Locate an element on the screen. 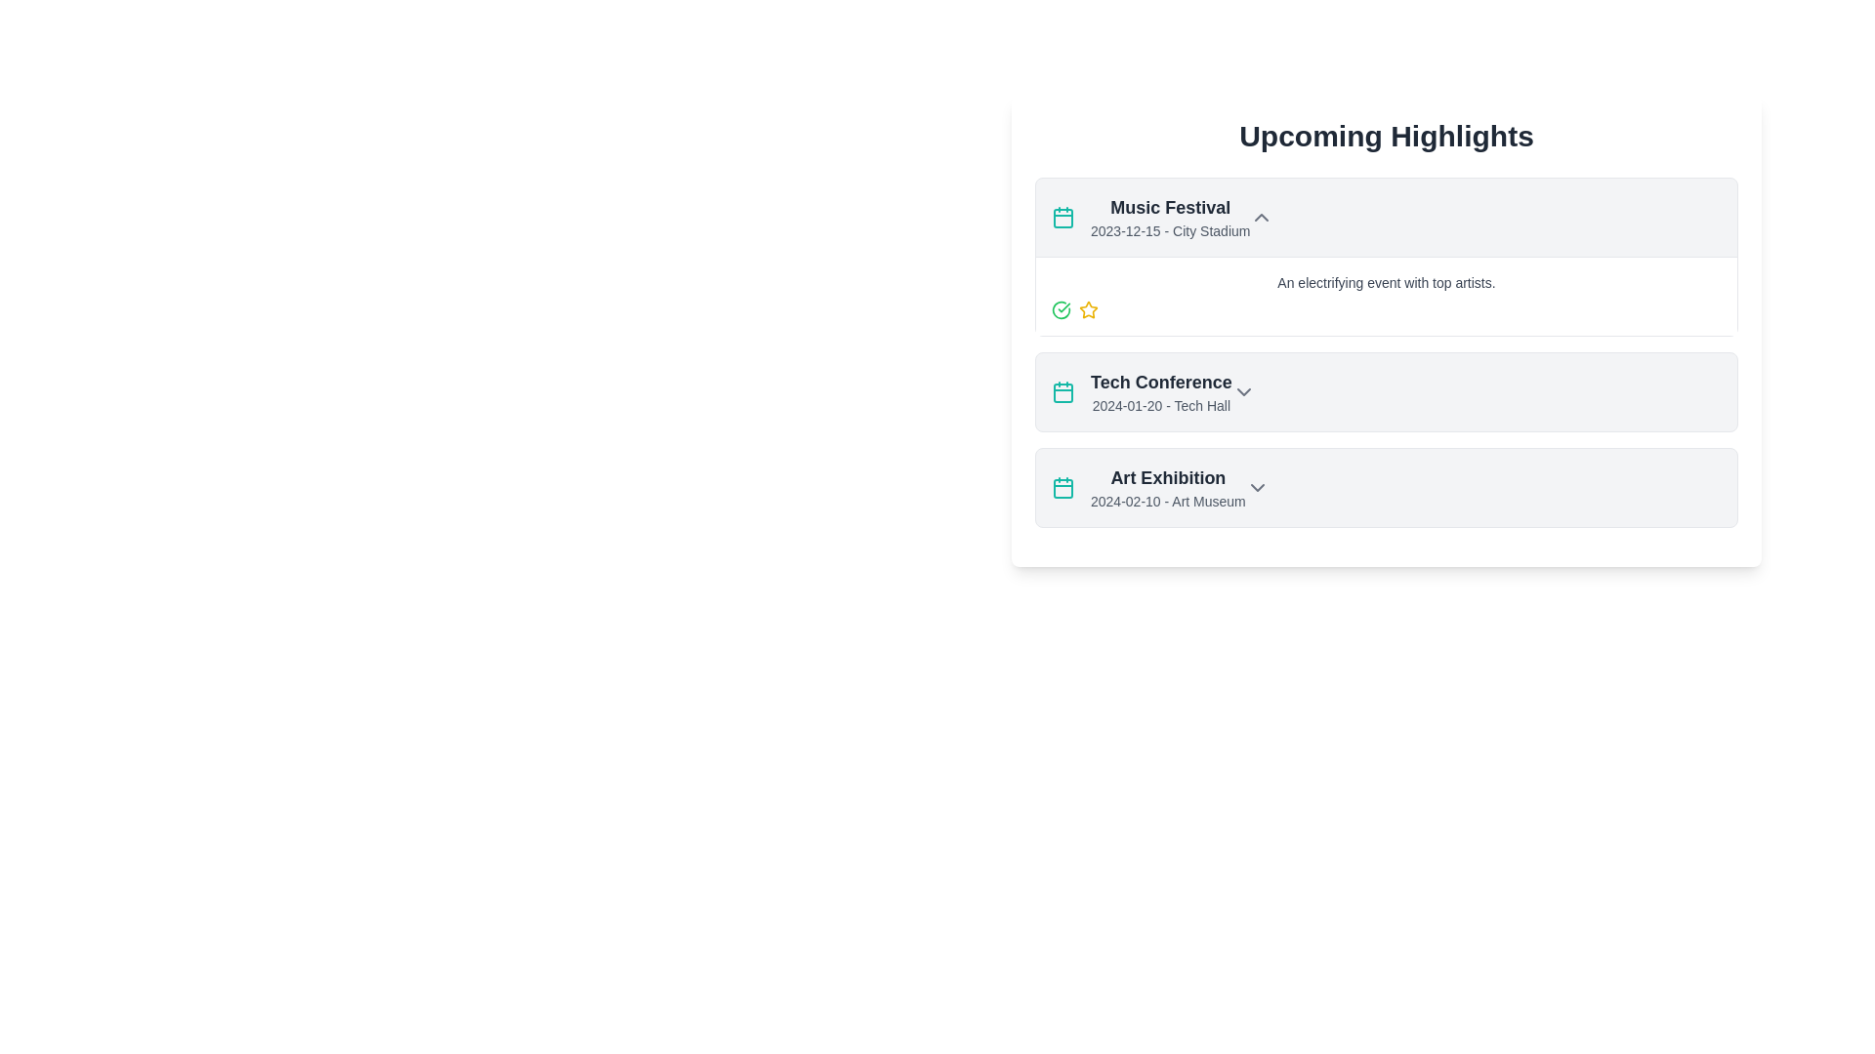 This screenshot has height=1054, width=1875. the text label displaying '2024-02-10 - Art Museum', which is styled in gray and located within the 'Art Exhibition' entry of the 'Upcoming Highlights' section is located at coordinates (1168, 500).